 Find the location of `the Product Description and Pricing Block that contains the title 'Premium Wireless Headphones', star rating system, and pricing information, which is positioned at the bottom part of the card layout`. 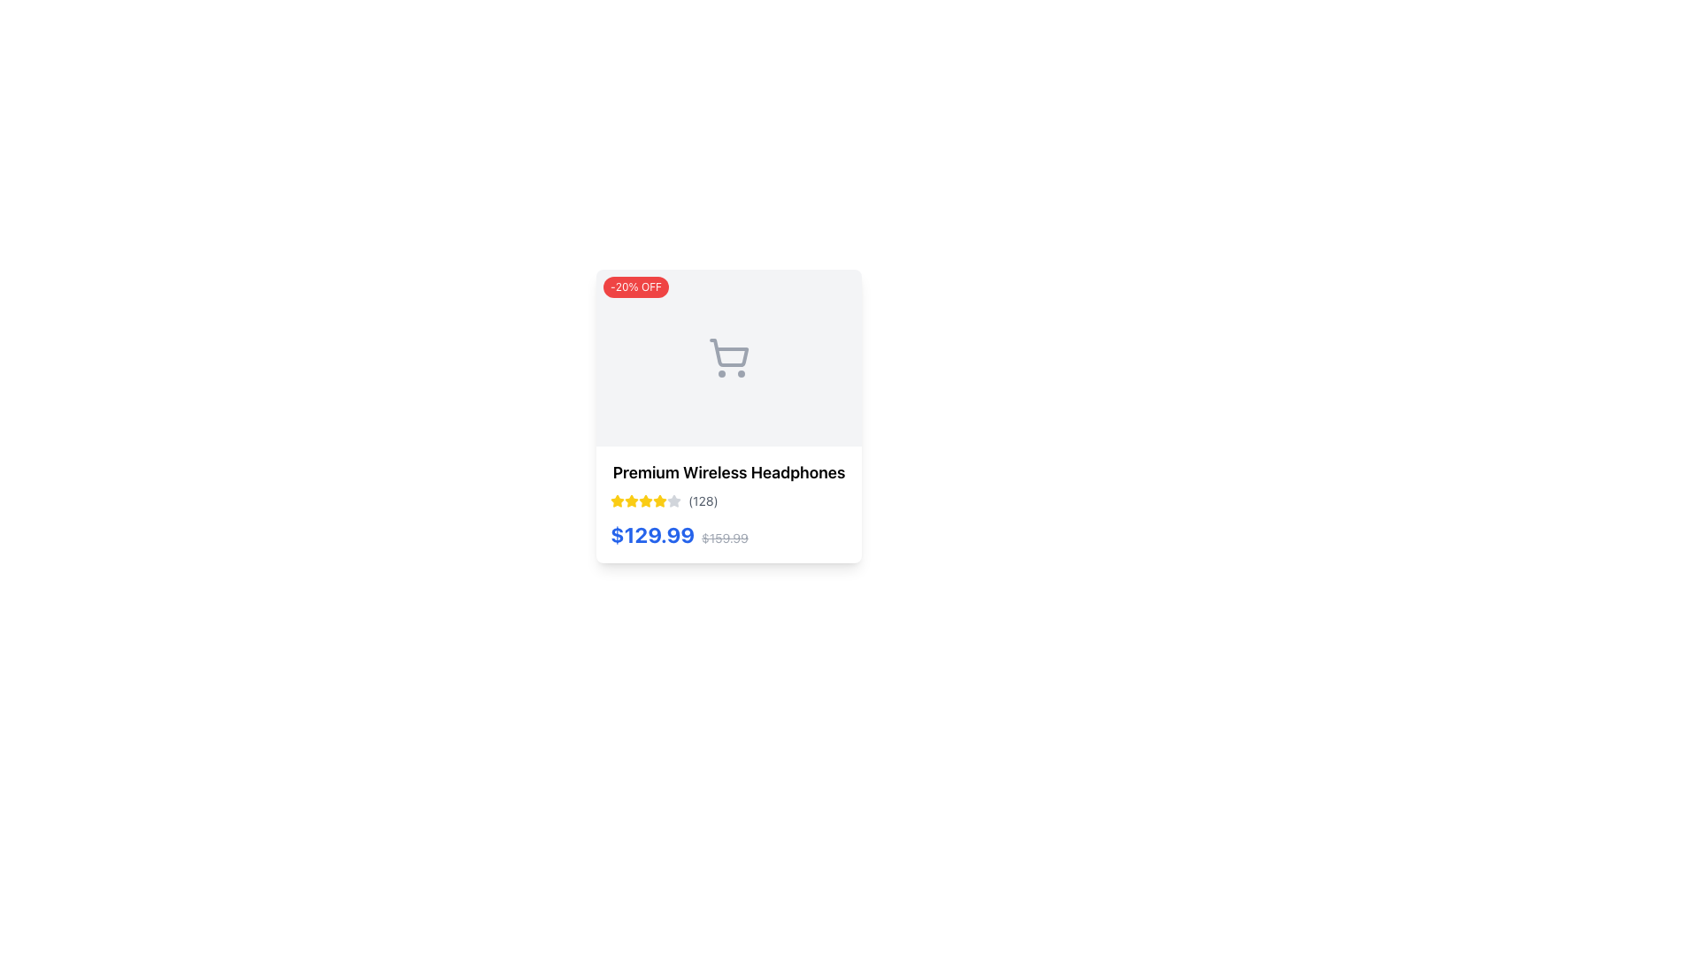

the Product Description and Pricing Block that contains the title 'Premium Wireless Headphones', star rating system, and pricing information, which is positioned at the bottom part of the card layout is located at coordinates (729, 504).